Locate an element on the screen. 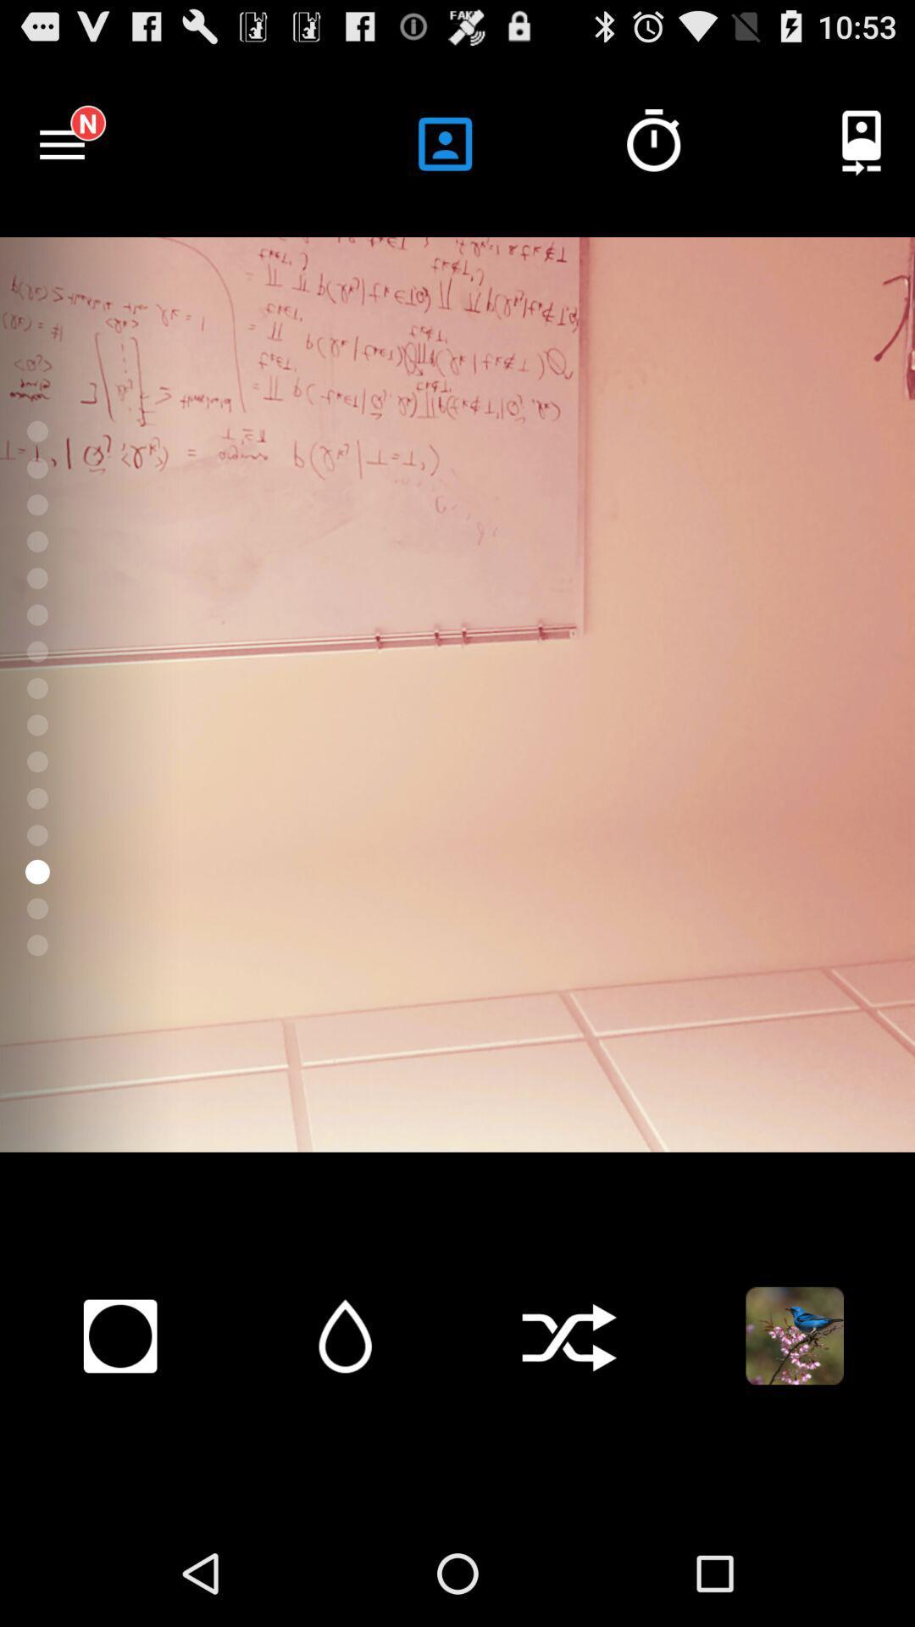 The image size is (915, 1627). the close icon is located at coordinates (569, 1429).